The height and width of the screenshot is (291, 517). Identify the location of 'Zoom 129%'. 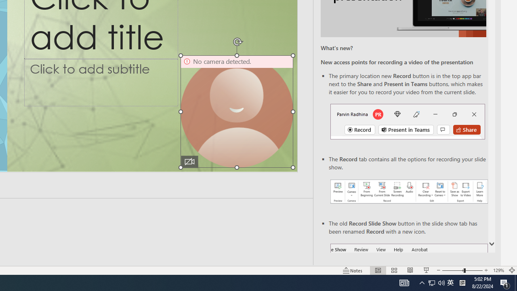
(498, 270).